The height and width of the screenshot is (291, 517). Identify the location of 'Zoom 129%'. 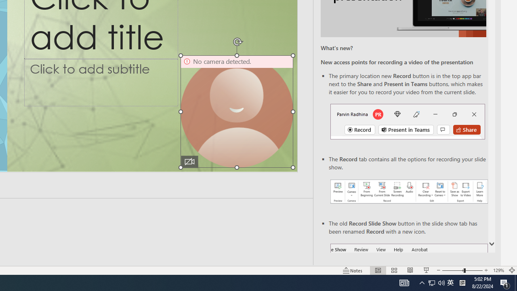
(498, 270).